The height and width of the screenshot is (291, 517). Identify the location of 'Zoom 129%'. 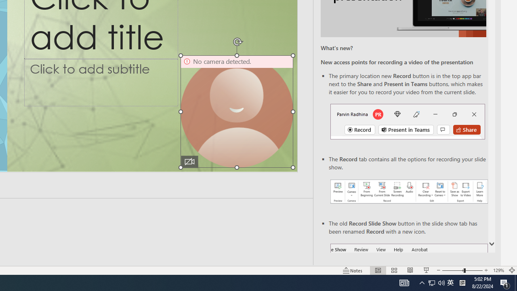
(498, 270).